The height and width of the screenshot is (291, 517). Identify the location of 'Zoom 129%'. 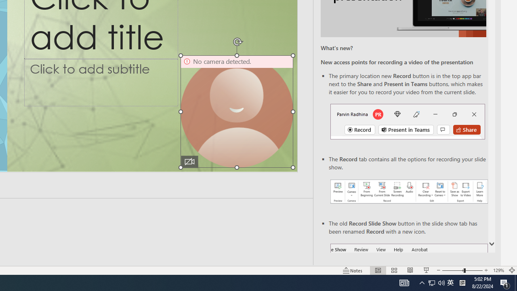
(498, 270).